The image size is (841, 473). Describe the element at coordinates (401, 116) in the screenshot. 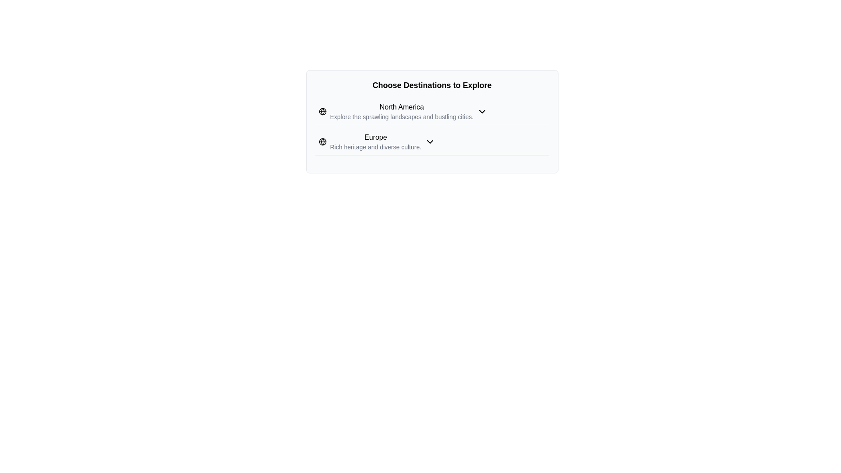

I see `the text label displaying 'Explore the sprawling landscapes and bustling cities' which is positioned below the 'North America' header text` at that location.